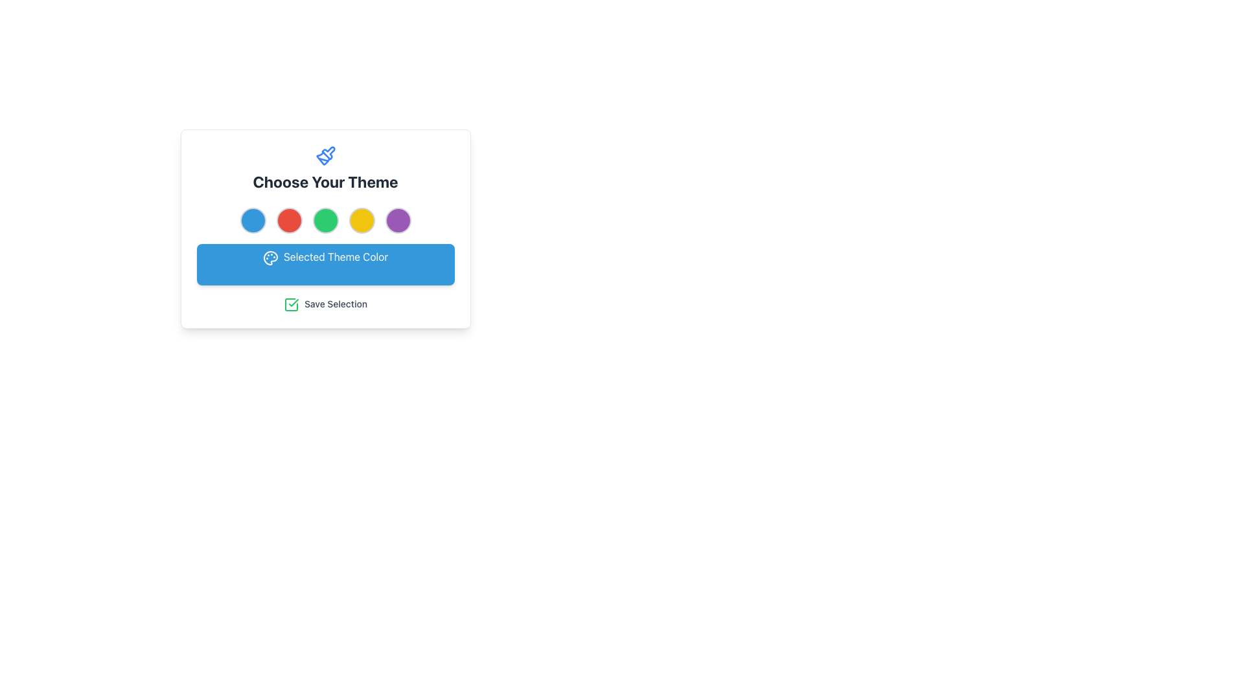 Image resolution: width=1244 pixels, height=699 pixels. I want to click on the circular color buttons within the 'Choose Your Theme' card, so click(325, 228).